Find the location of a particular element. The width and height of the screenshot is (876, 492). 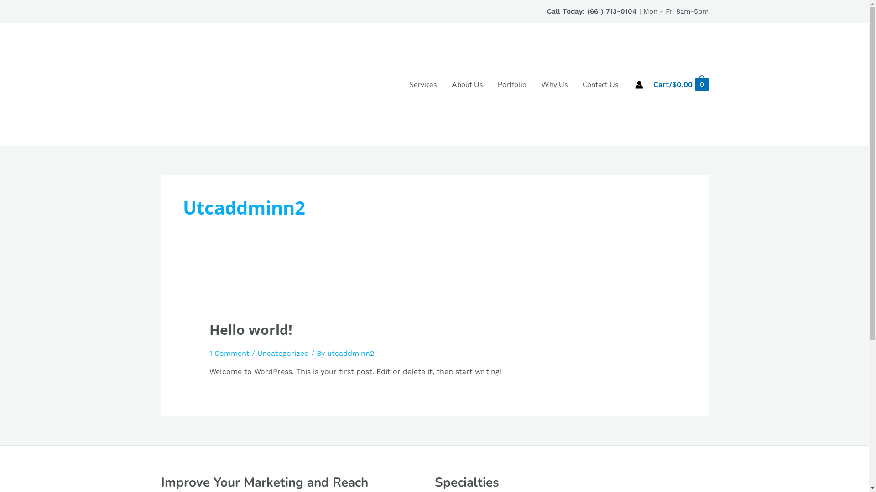

'utcaddminn2' is located at coordinates (327, 353).